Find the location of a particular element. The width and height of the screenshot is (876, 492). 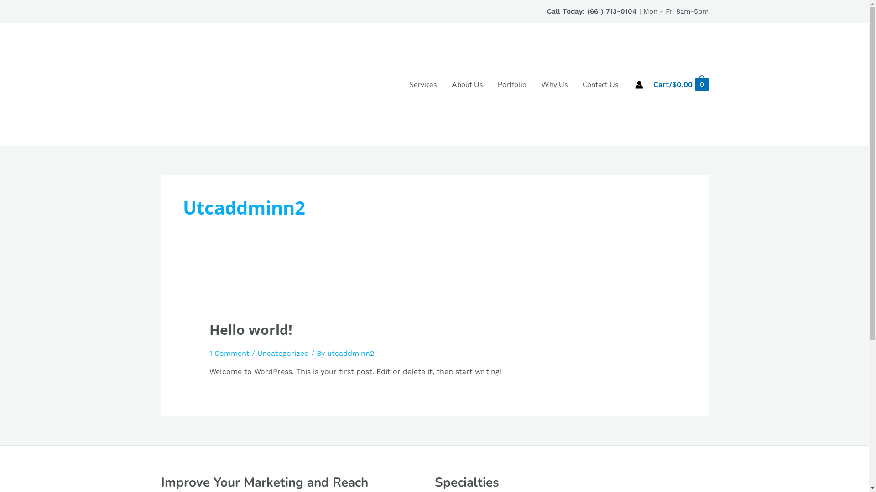

'utcaddminn2' is located at coordinates (327, 353).